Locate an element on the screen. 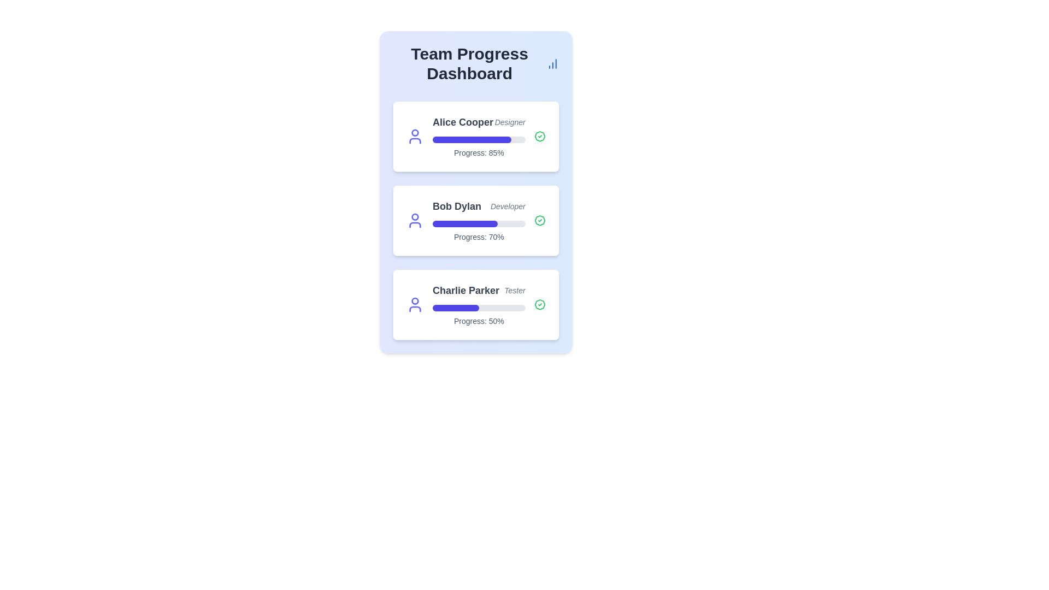 The width and height of the screenshot is (1049, 590). the List Item displaying task progress information for Bob Dylan, the second team member in the Team Progress Dashboard is located at coordinates (476, 221).